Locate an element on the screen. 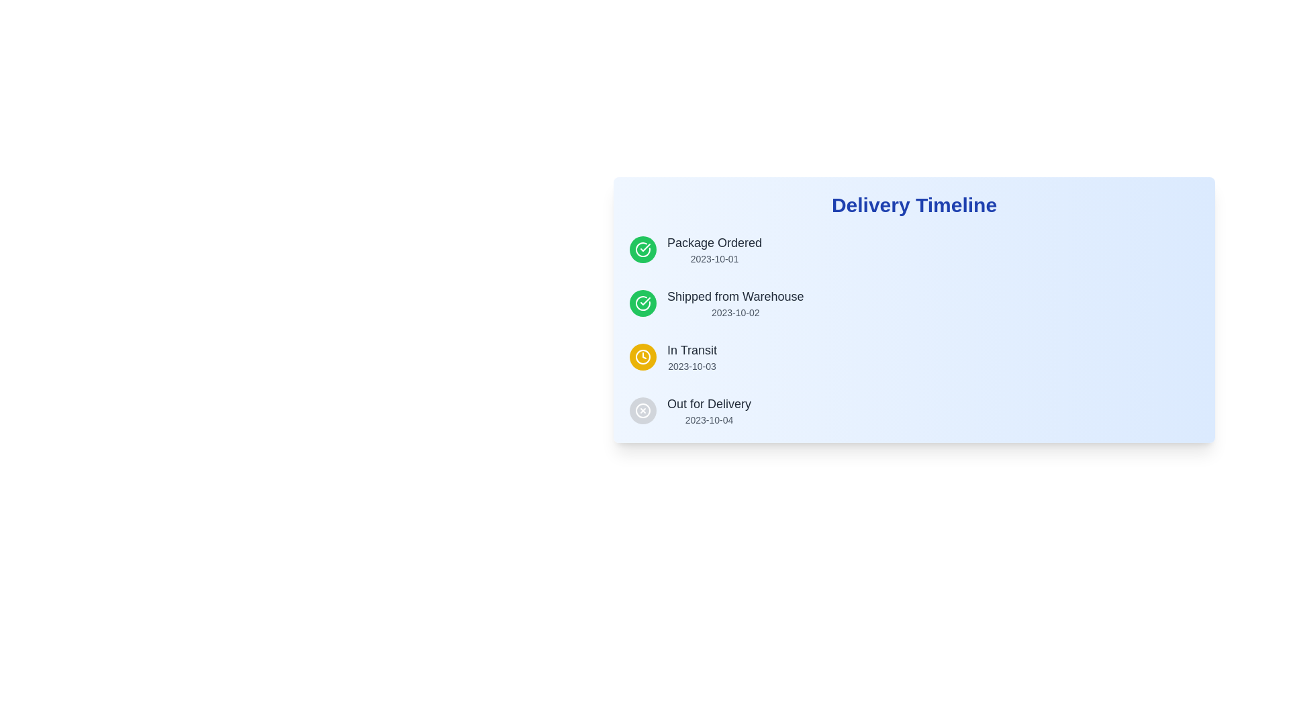  date text '2023-10-04' displayed in a small gray font below the 'Out for Delivery' text in the delivery timeline interface is located at coordinates (708, 419).